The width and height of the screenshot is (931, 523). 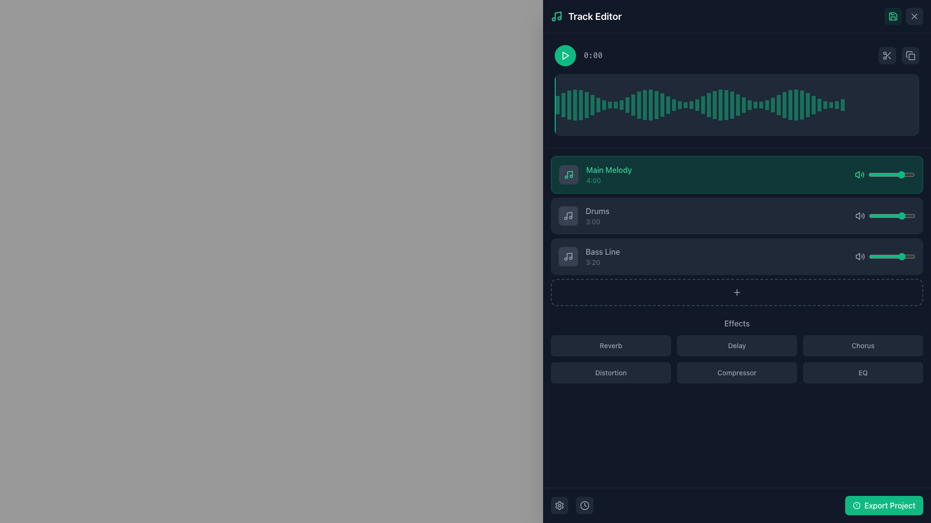 I want to click on the slider value, so click(x=901, y=175).